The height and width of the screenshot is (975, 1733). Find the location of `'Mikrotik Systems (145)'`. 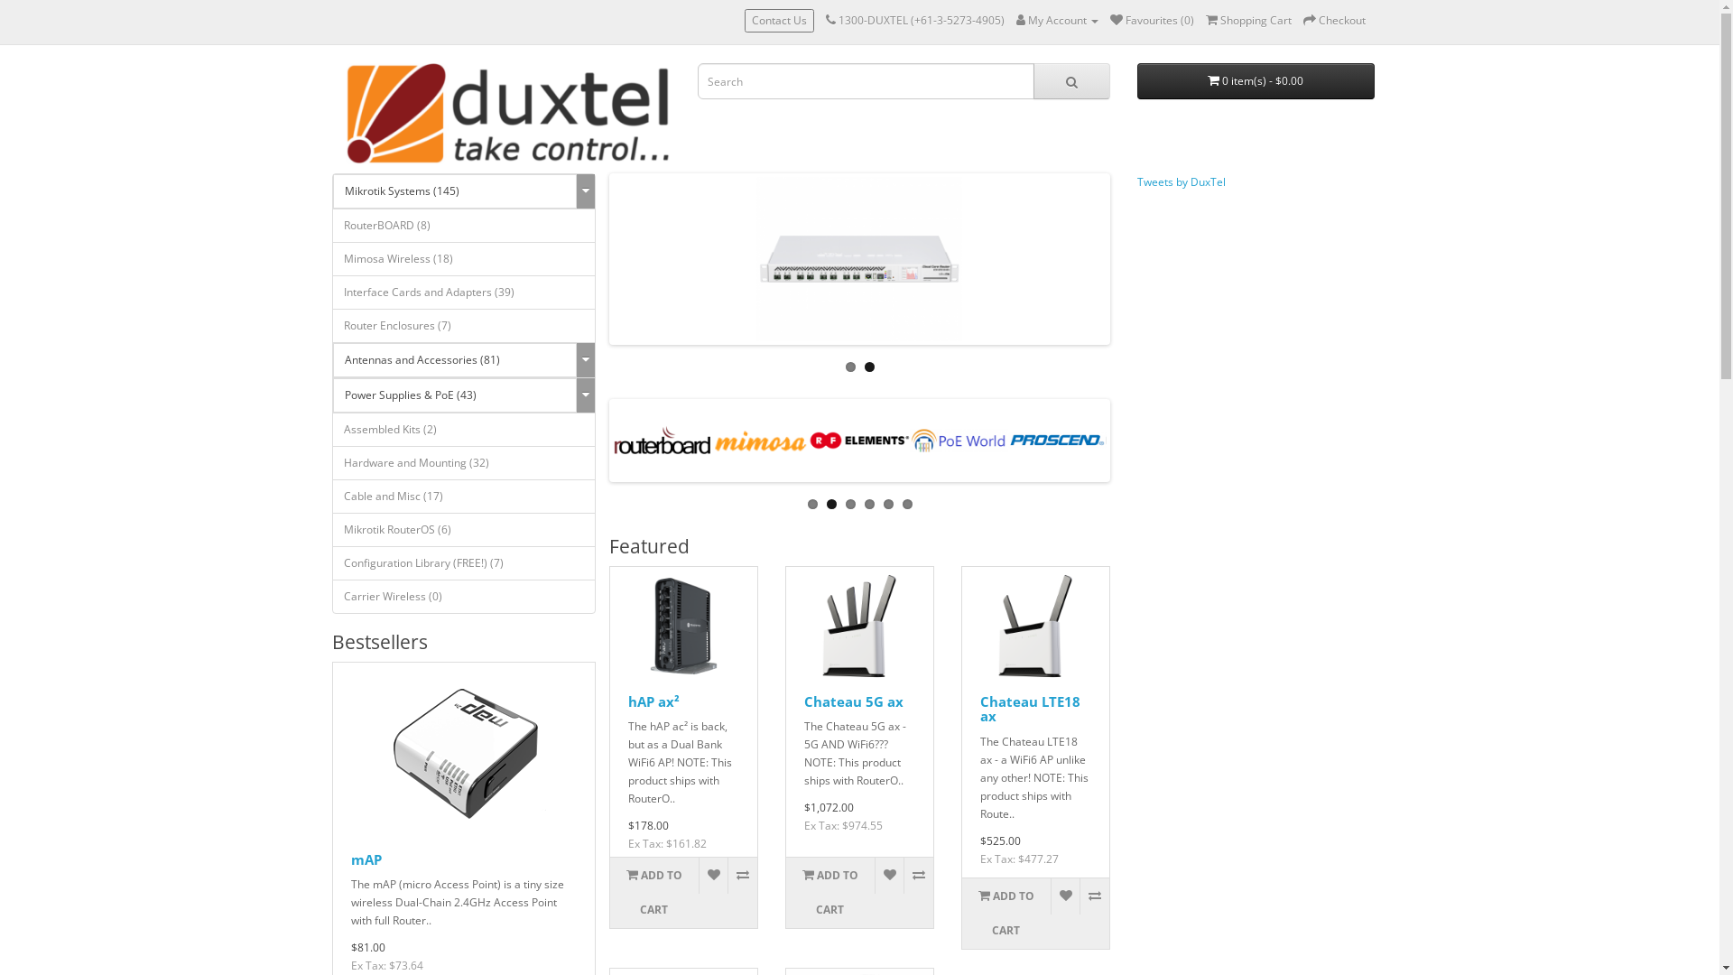

'Mikrotik Systems (145)' is located at coordinates (454, 191).